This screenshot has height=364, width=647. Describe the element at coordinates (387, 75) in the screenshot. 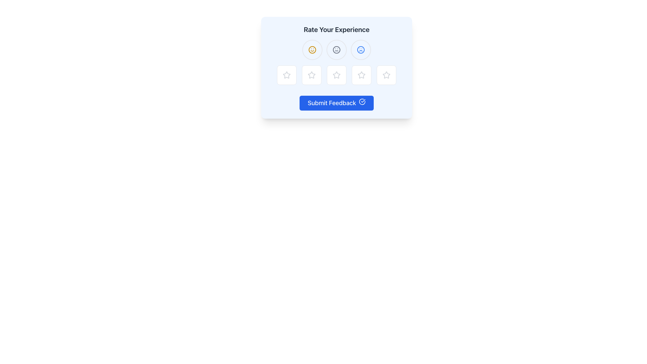

I see `the fifth star-shaped icon in the Star Rating Component` at that location.